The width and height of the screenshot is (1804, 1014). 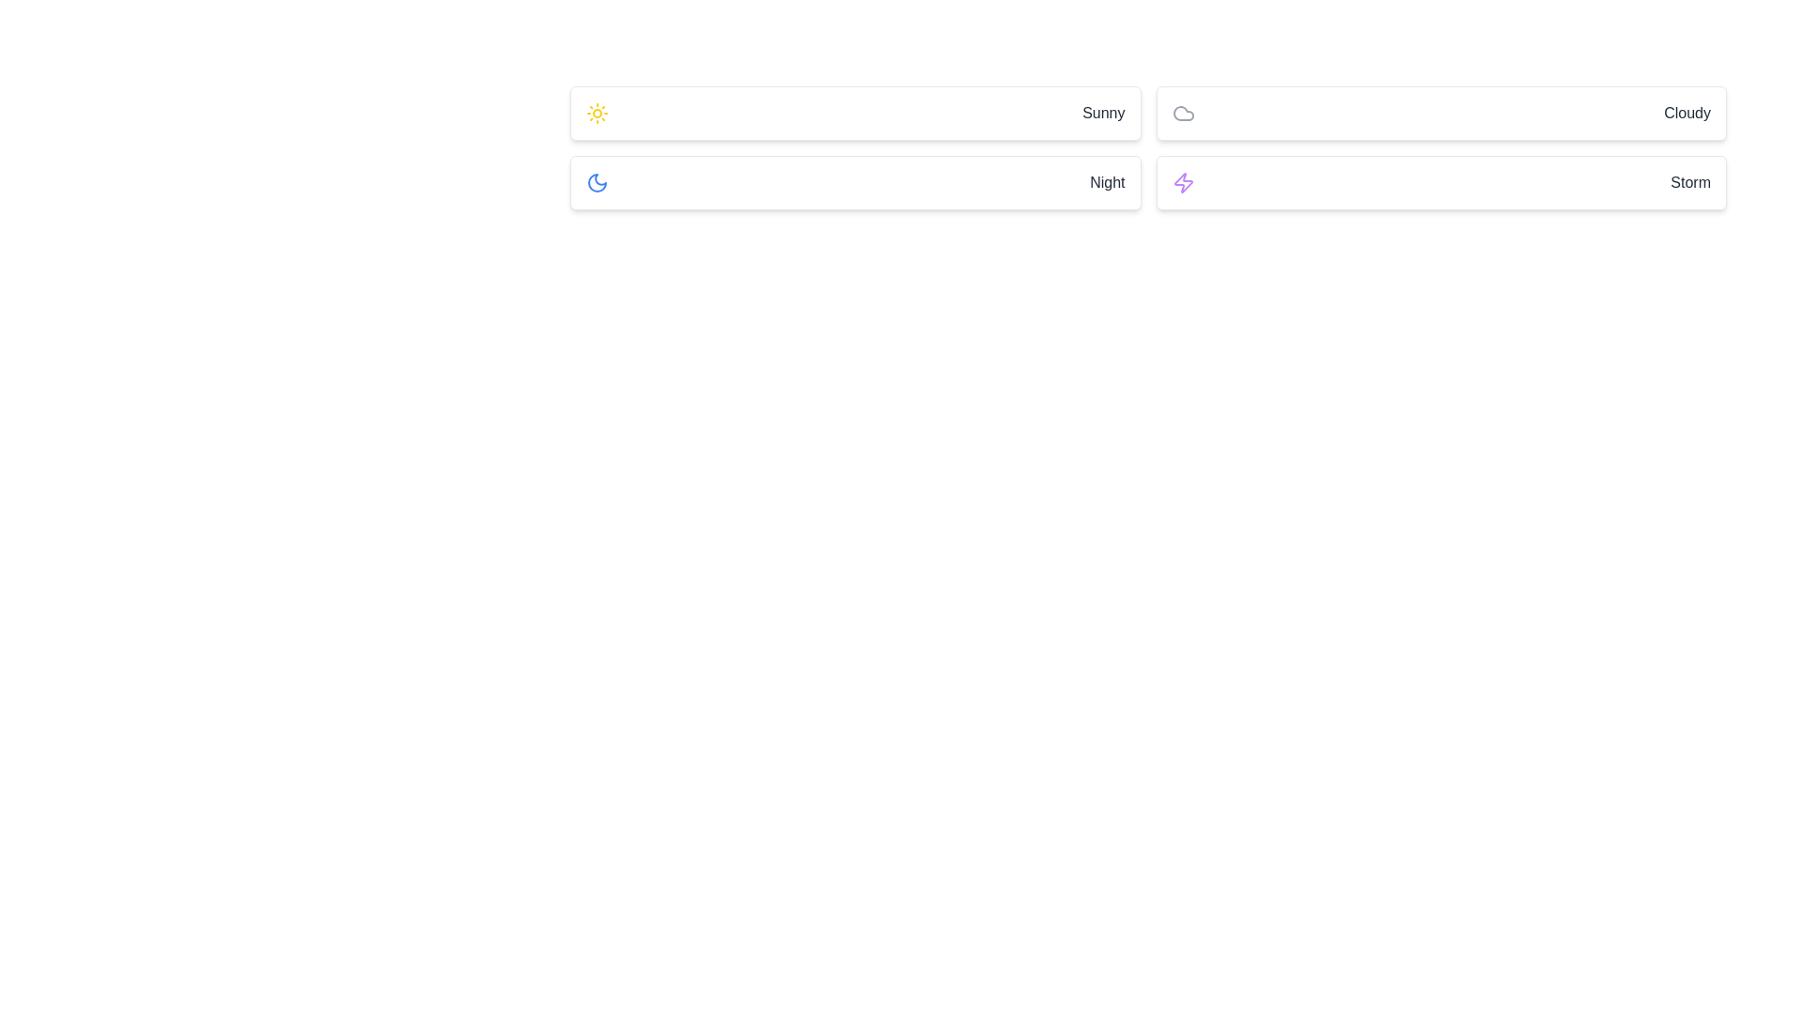 What do you see at coordinates (854, 113) in the screenshot?
I see `the 'Sunny' option button located in the top row, first column of the grid layout, above the 'Night' card and to the left of the 'Cloudy' card` at bounding box center [854, 113].